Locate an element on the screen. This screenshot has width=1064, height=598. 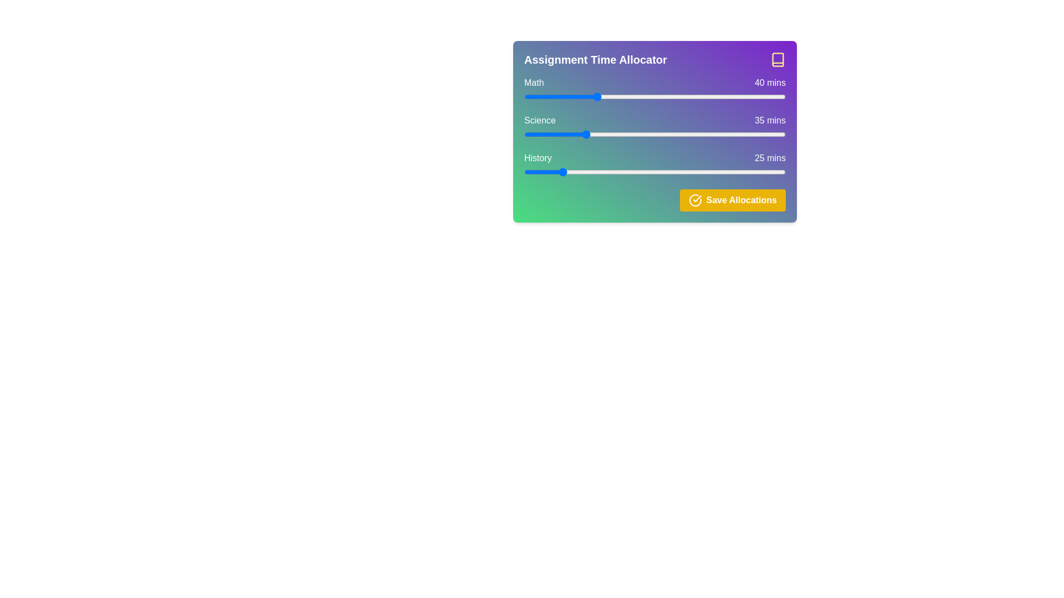
allocation time is located at coordinates (541, 134).